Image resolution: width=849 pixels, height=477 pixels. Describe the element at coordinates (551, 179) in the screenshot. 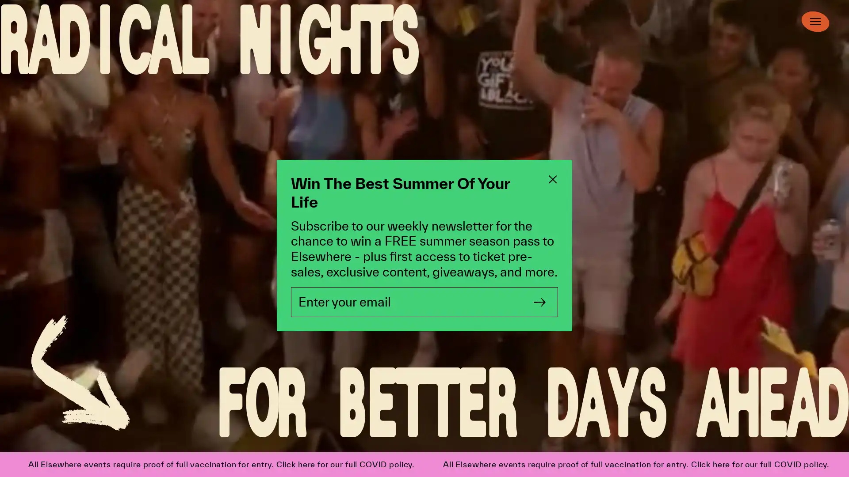

I see `Close` at that location.